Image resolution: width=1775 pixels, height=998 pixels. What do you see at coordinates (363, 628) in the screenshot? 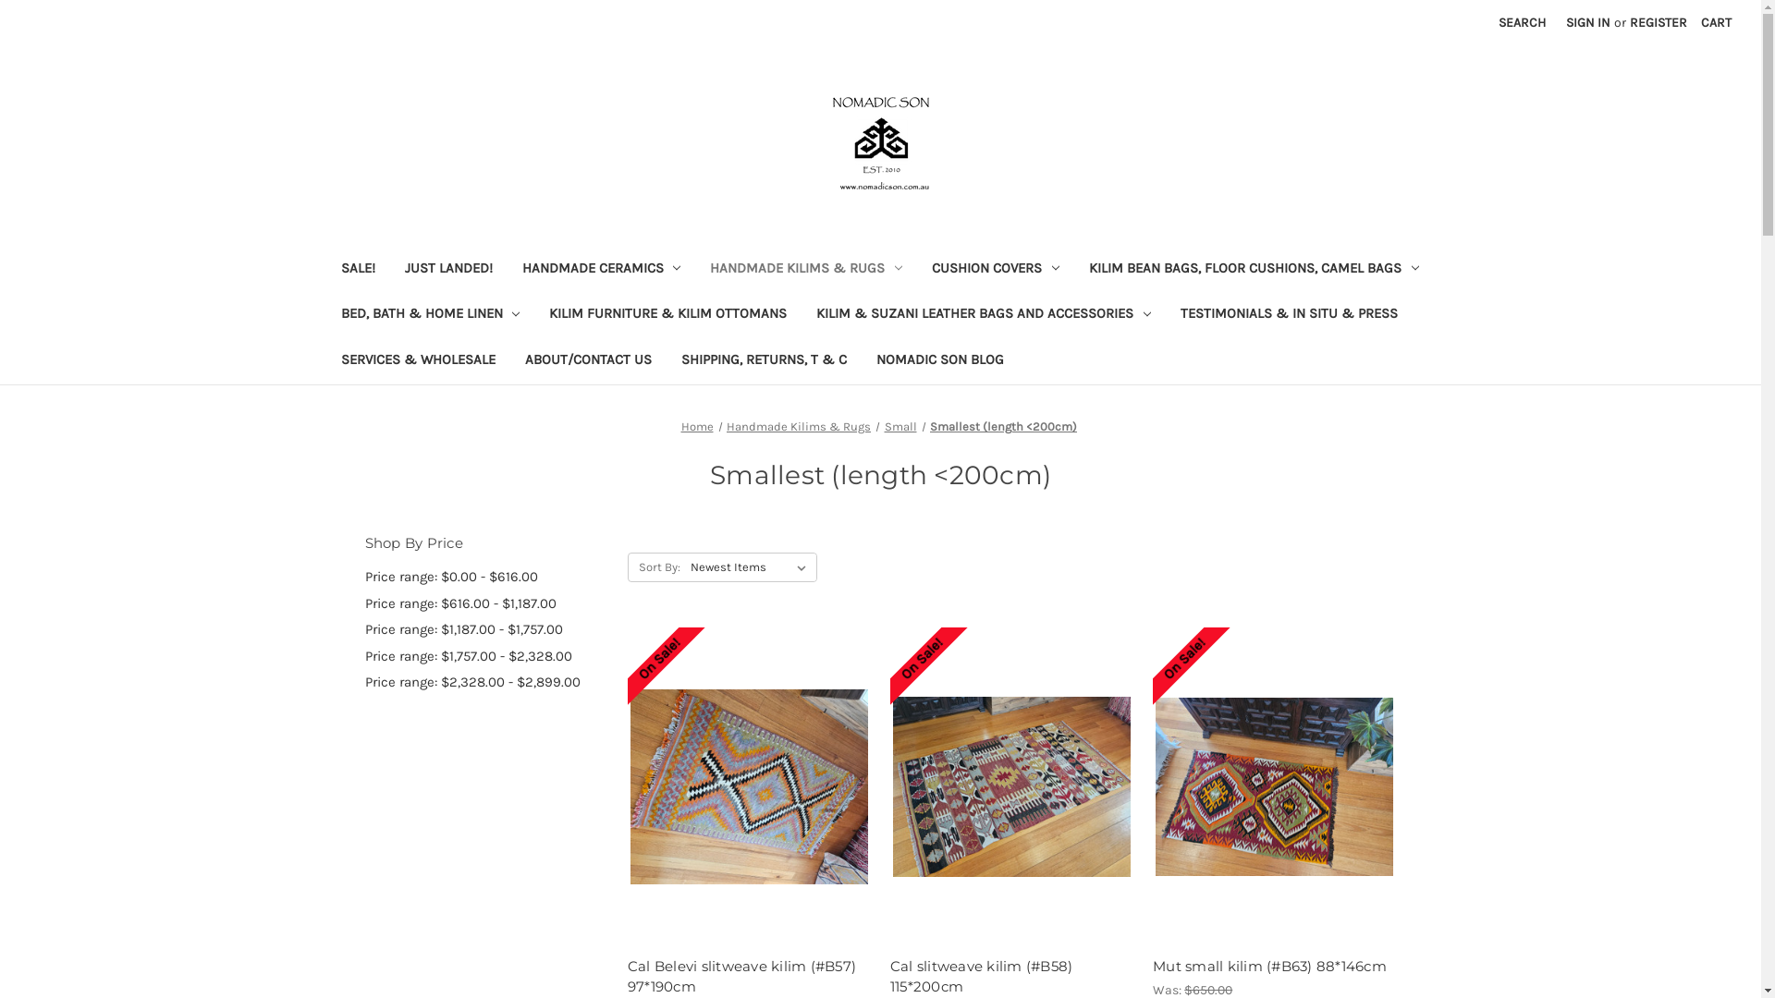
I see `'Price range: $1,187.00 - $1,757.00'` at bounding box center [363, 628].